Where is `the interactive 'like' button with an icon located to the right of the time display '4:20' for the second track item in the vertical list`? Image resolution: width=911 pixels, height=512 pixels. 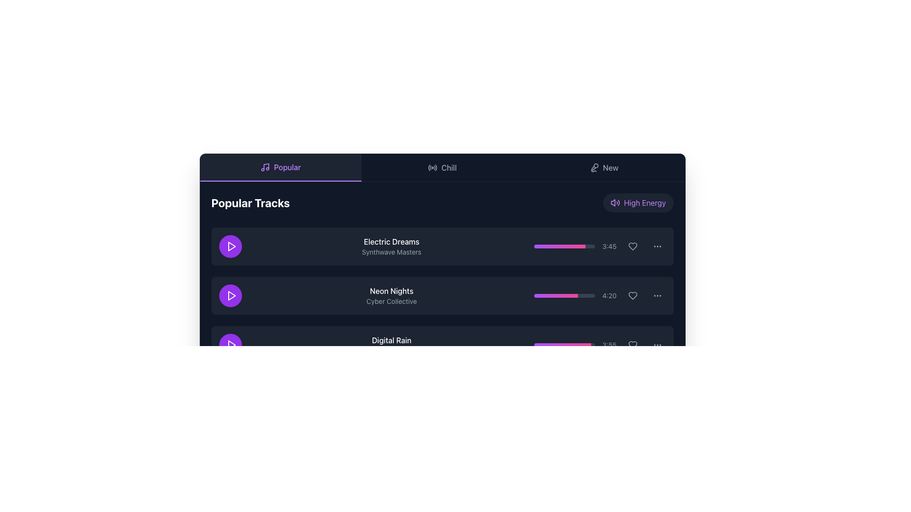 the interactive 'like' button with an icon located to the right of the time display '4:20' for the second track item in the vertical list is located at coordinates (632, 295).